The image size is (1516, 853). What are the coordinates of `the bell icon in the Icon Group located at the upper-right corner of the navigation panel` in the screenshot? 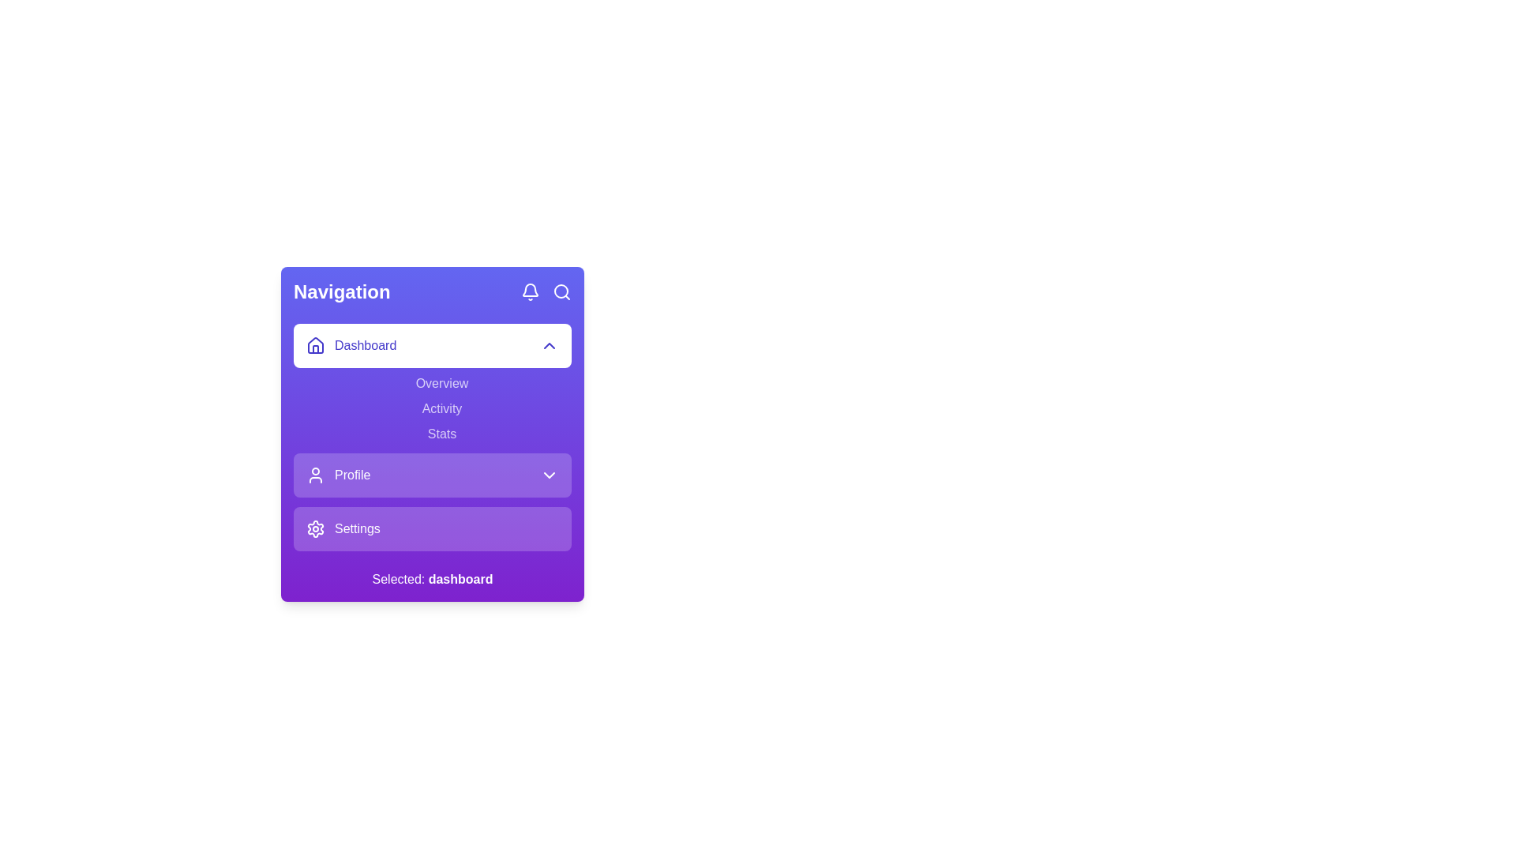 It's located at (546, 292).